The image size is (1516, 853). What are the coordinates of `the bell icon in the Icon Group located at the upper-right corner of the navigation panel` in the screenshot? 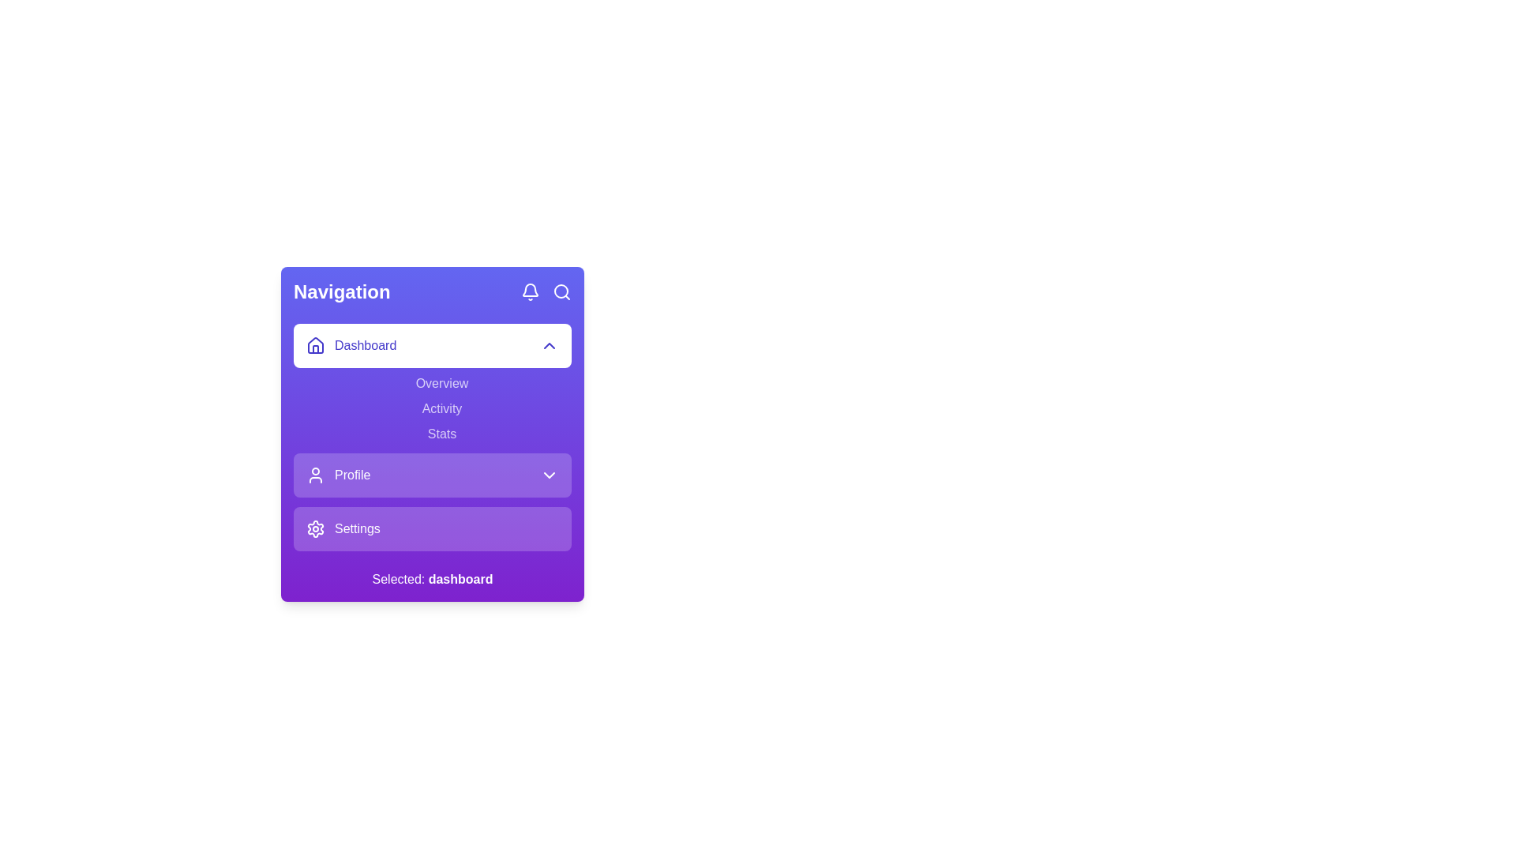 It's located at (546, 292).